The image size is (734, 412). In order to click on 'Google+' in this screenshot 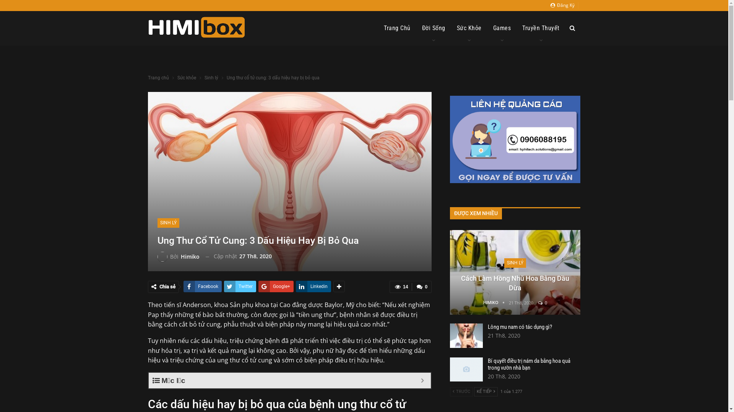, I will do `click(275, 286)`.